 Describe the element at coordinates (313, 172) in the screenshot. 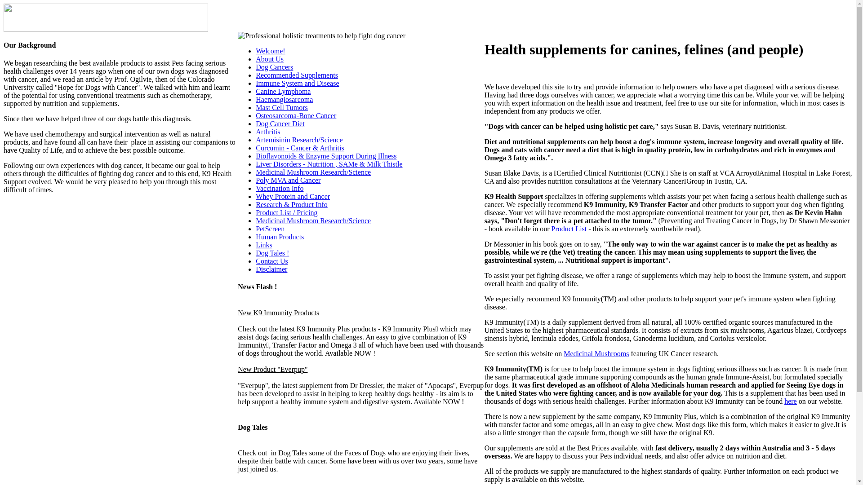

I see `'Medicinal Mushroom Research/Science'` at that location.